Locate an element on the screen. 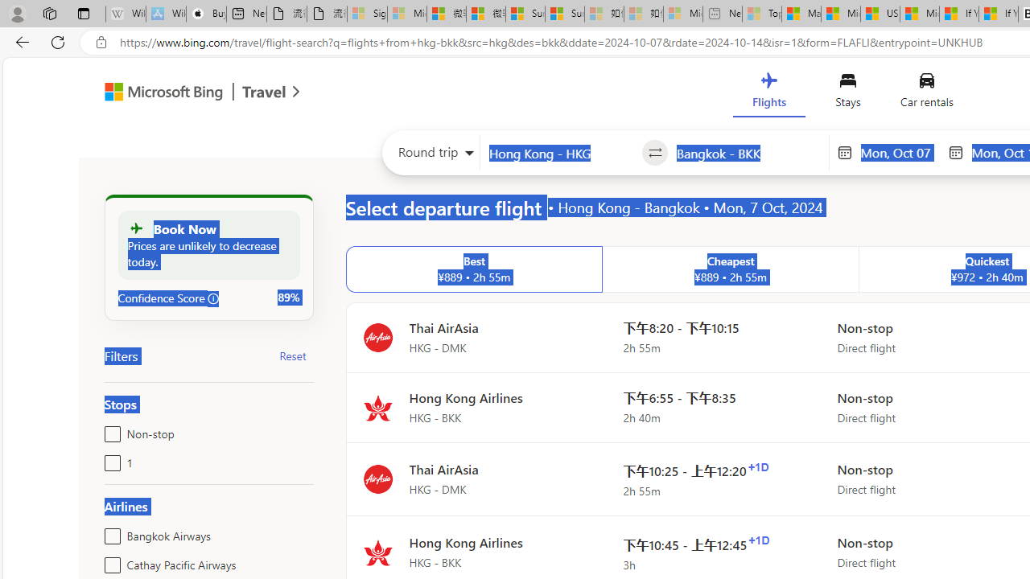 This screenshot has height=579, width=1030. 'Select trip type' is located at coordinates (431, 156).